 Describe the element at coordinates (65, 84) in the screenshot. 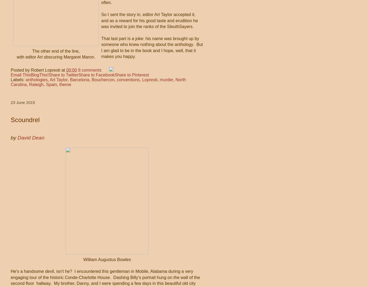

I see `'theme'` at that location.